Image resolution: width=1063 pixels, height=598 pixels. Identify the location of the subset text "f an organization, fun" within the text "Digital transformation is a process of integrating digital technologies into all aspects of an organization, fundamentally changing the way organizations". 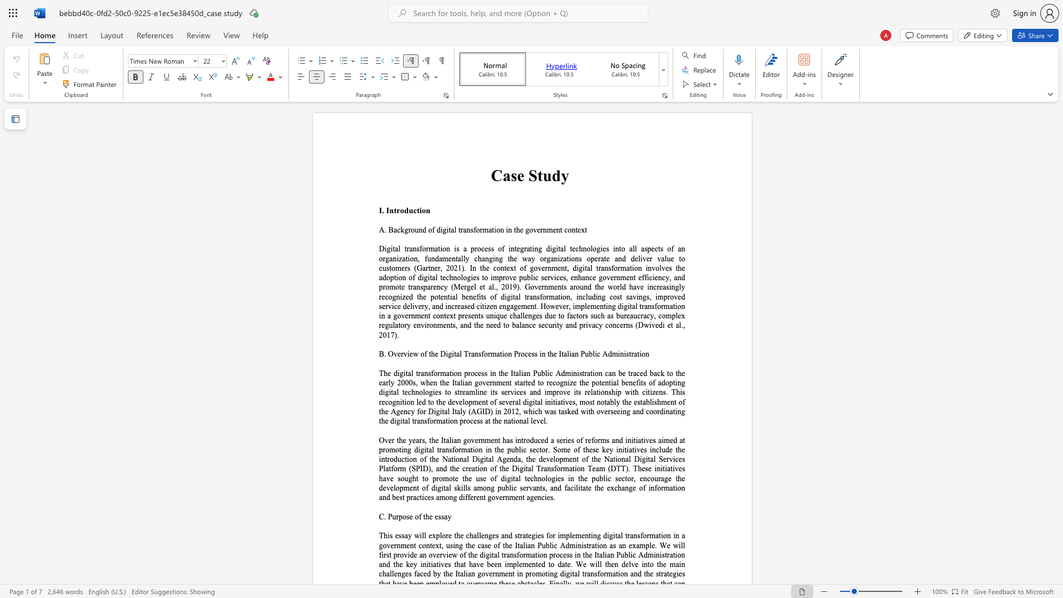
(670, 248).